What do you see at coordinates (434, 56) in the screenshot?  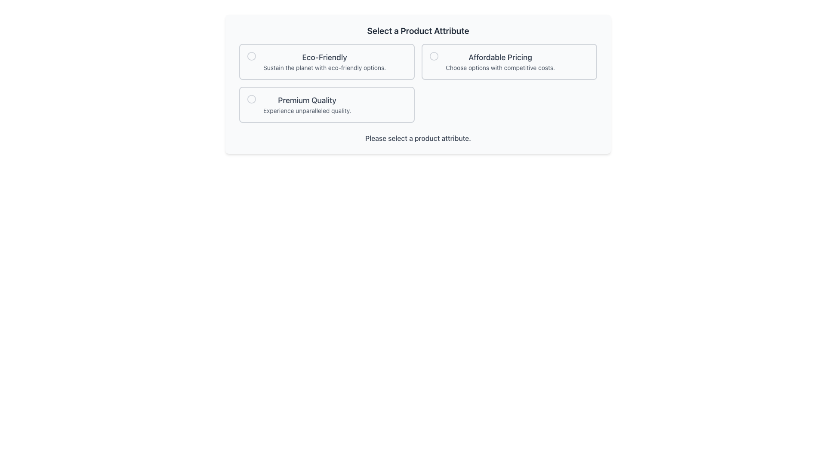 I see `the inner circle with a gray outline in the 'Affordable Pricing' section` at bounding box center [434, 56].